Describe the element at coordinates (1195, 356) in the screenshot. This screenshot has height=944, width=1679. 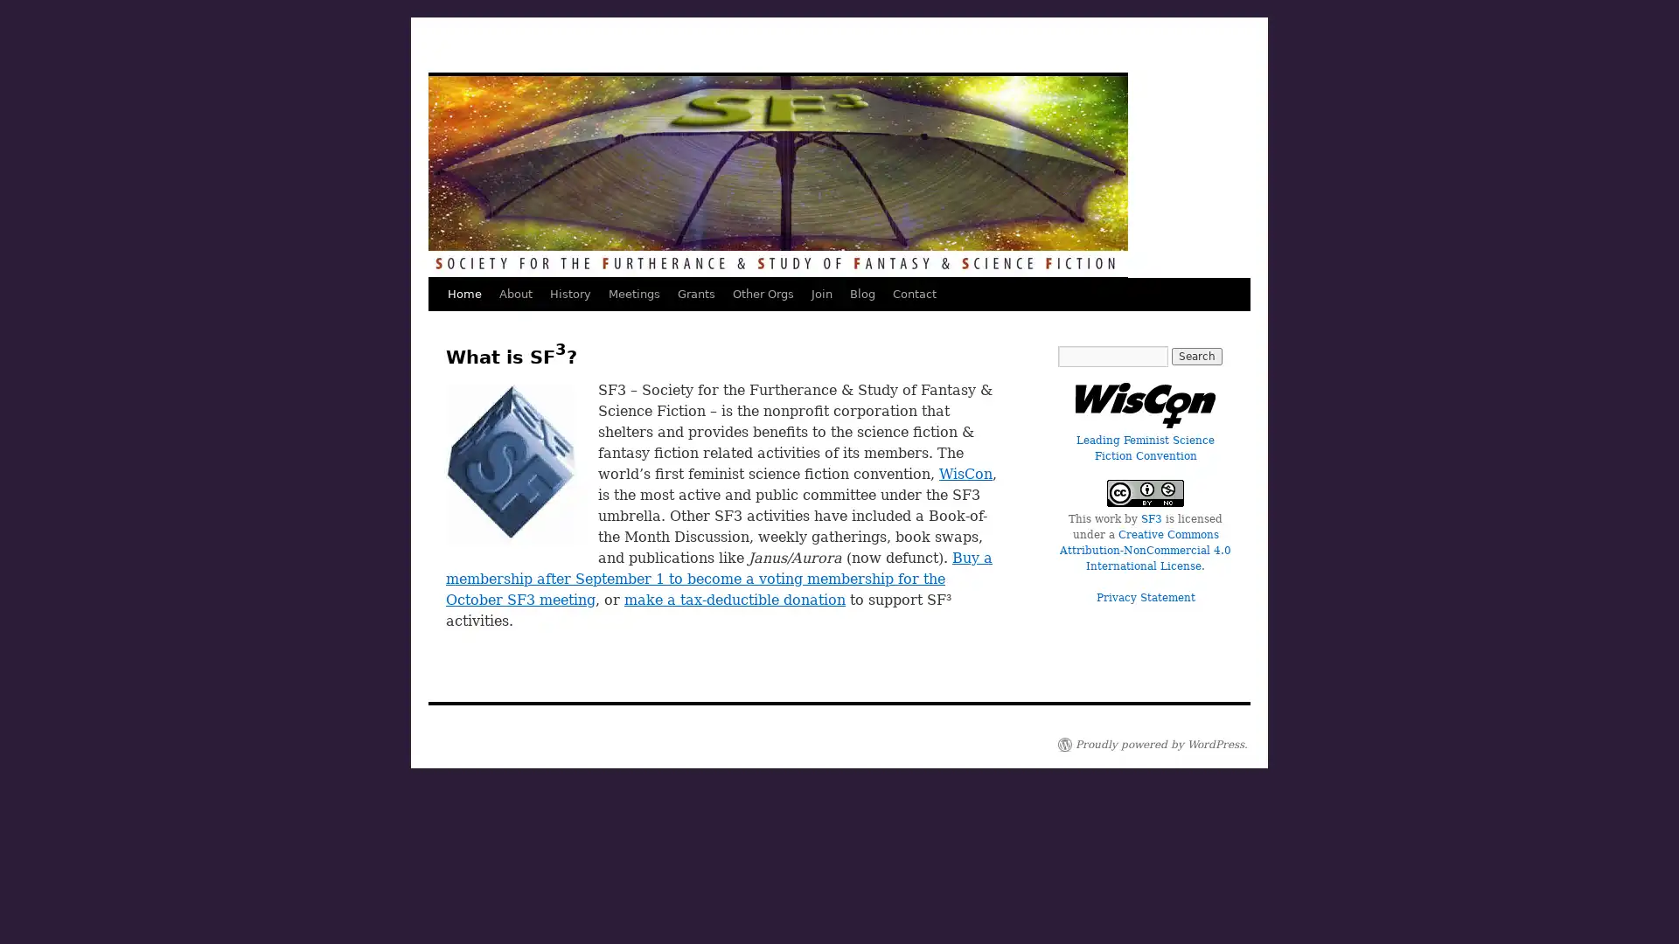
I see `Search` at that location.